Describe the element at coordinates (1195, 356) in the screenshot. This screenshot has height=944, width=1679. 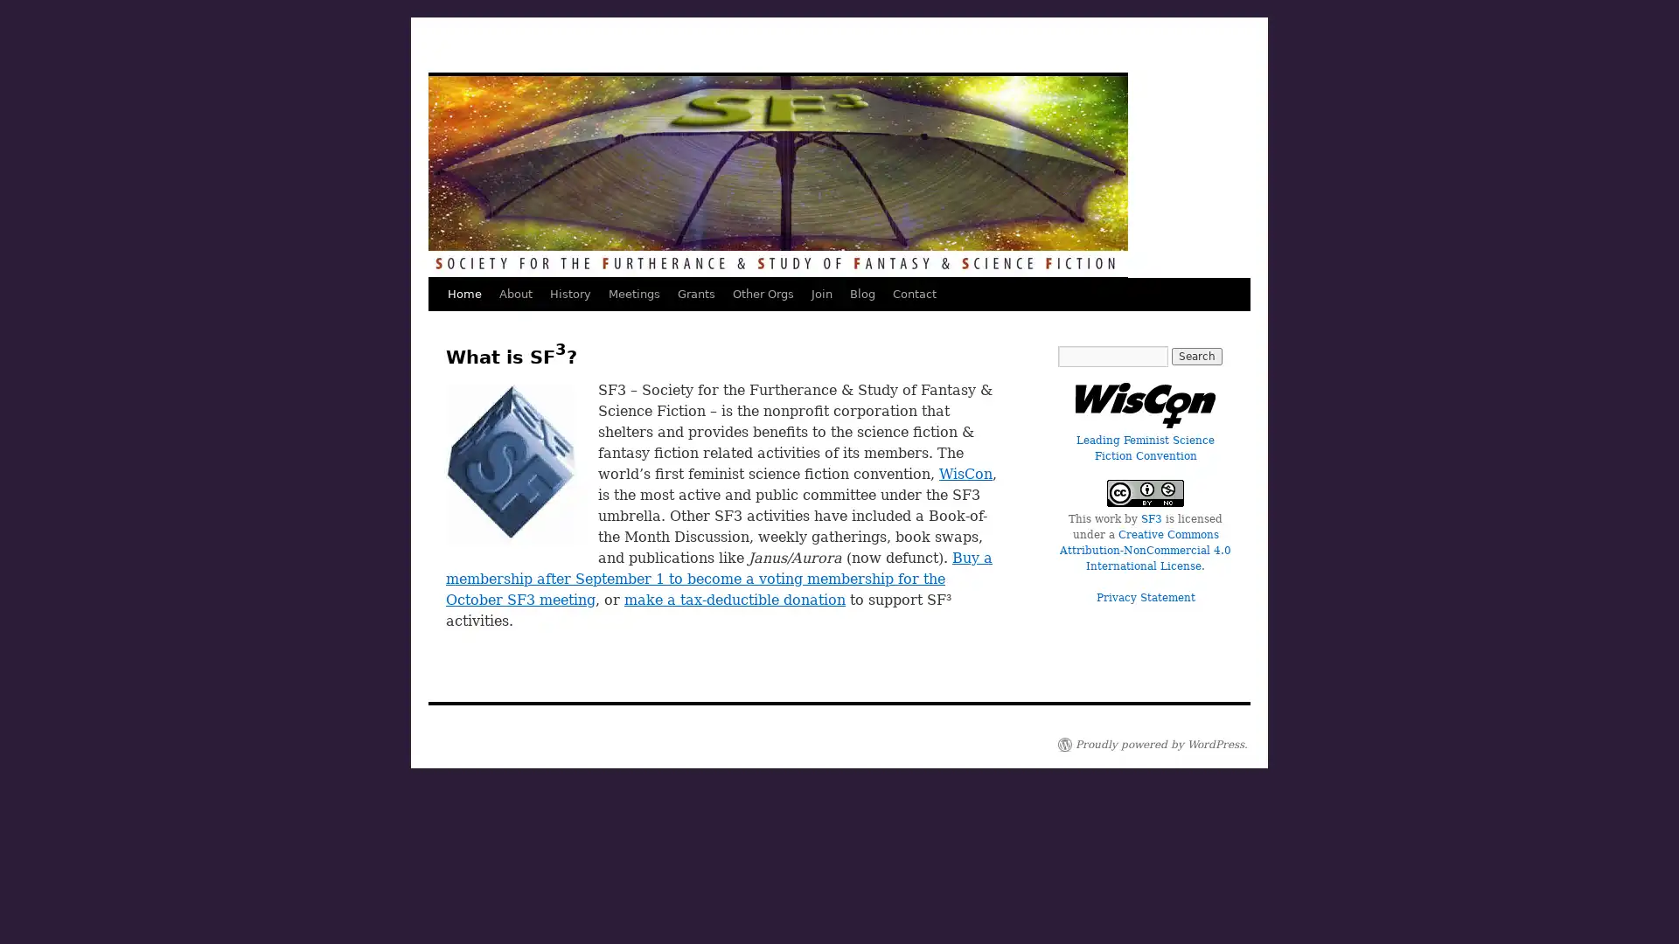
I see `Search` at that location.